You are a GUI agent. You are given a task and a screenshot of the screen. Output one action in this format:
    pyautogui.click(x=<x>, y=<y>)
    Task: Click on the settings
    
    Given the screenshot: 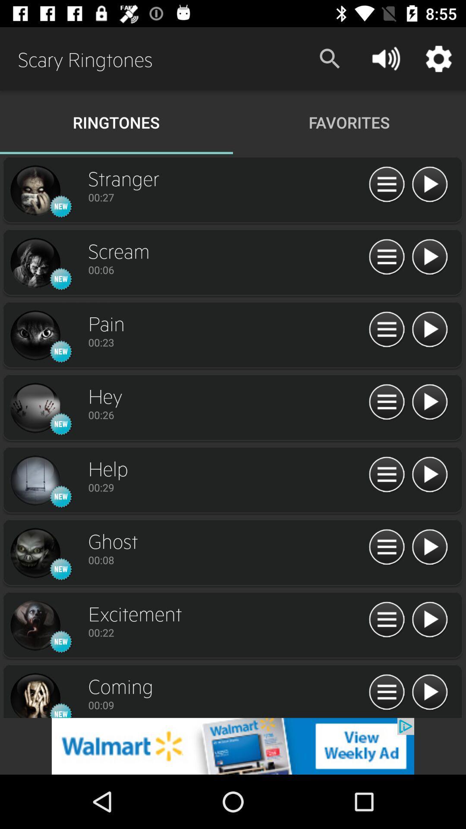 What is the action you would take?
    pyautogui.click(x=386, y=693)
    